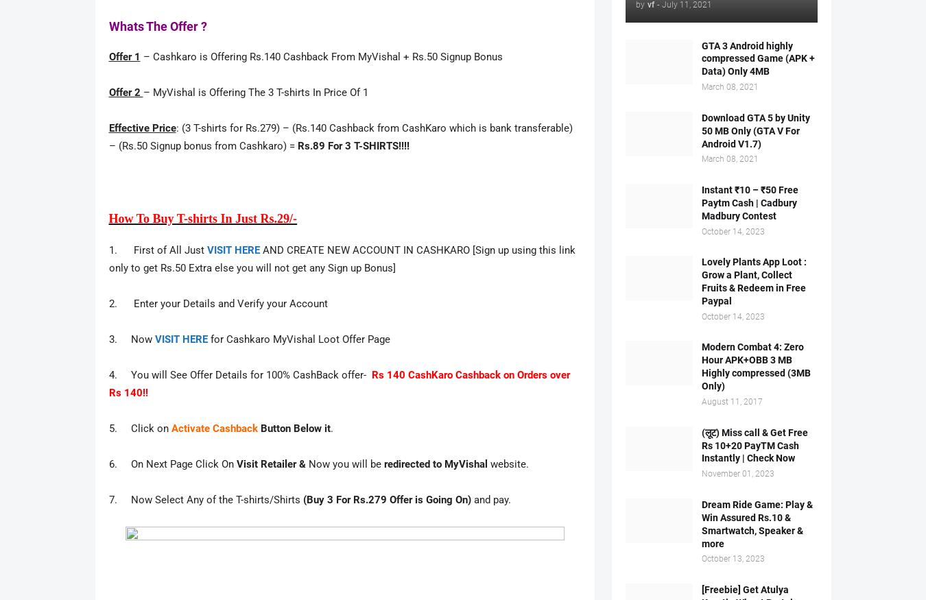 The image size is (926, 600). Describe the element at coordinates (141, 127) in the screenshot. I see `'Effective Price'` at that location.